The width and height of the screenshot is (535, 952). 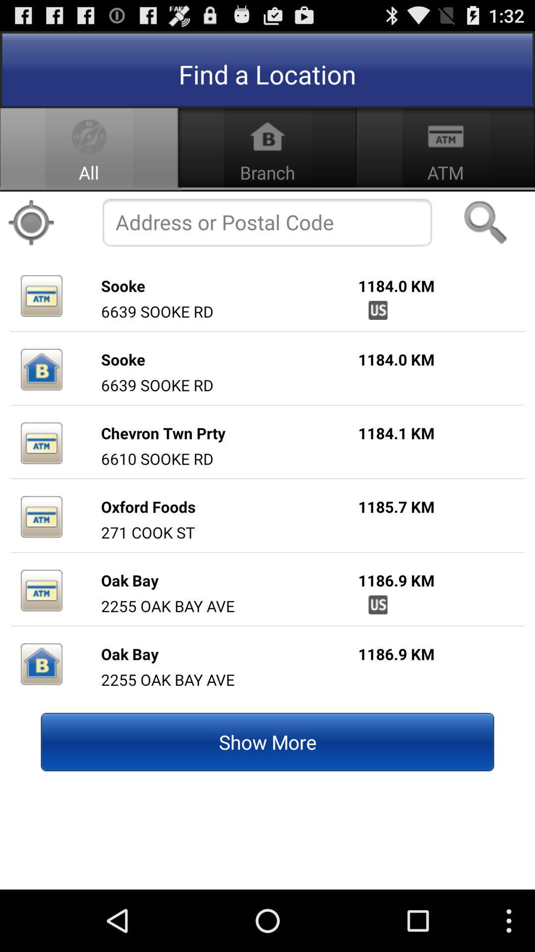 What do you see at coordinates (485, 222) in the screenshot?
I see `the icon above the 1184.0 km item` at bounding box center [485, 222].